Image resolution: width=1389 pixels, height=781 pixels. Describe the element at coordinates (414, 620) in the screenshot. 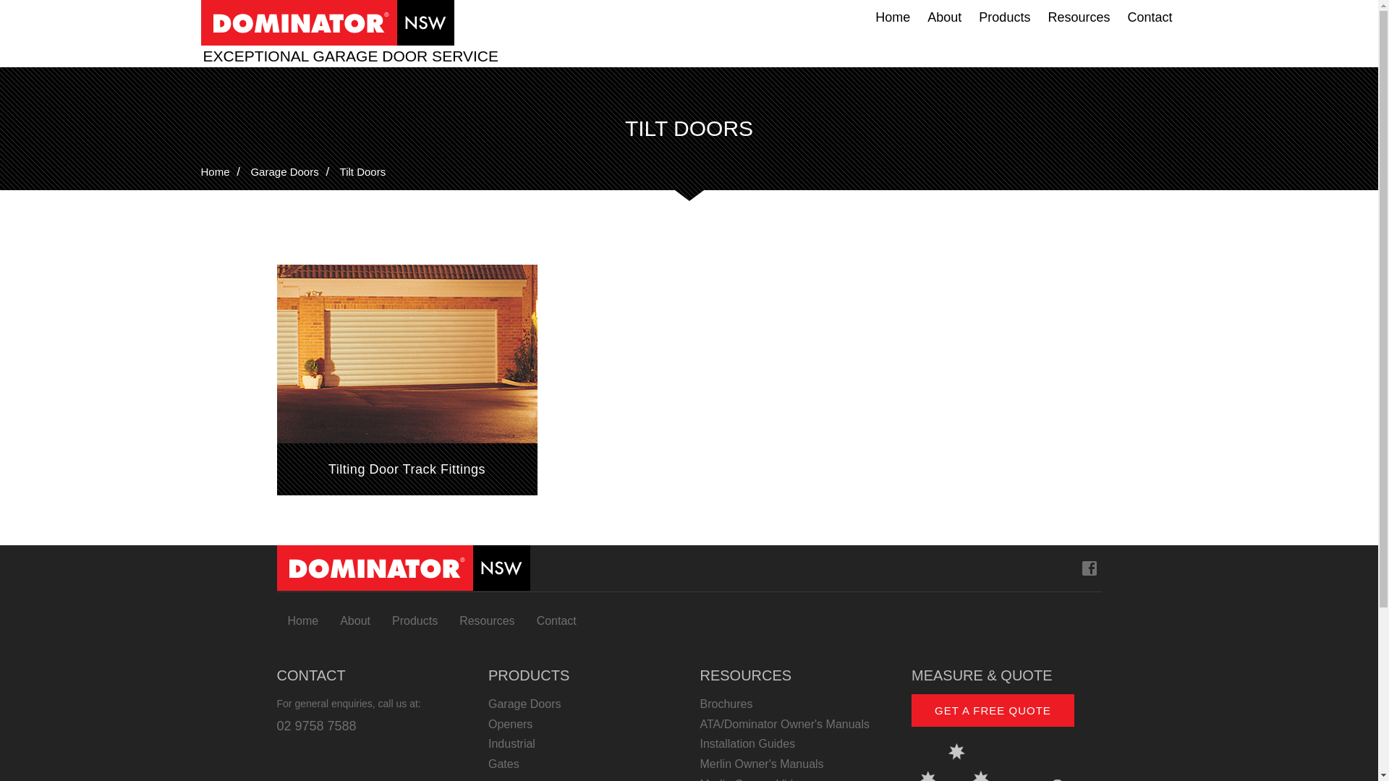

I see `'Products'` at that location.